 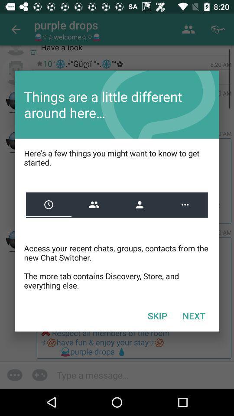 What do you see at coordinates (194, 315) in the screenshot?
I see `the icon next to skip icon` at bounding box center [194, 315].